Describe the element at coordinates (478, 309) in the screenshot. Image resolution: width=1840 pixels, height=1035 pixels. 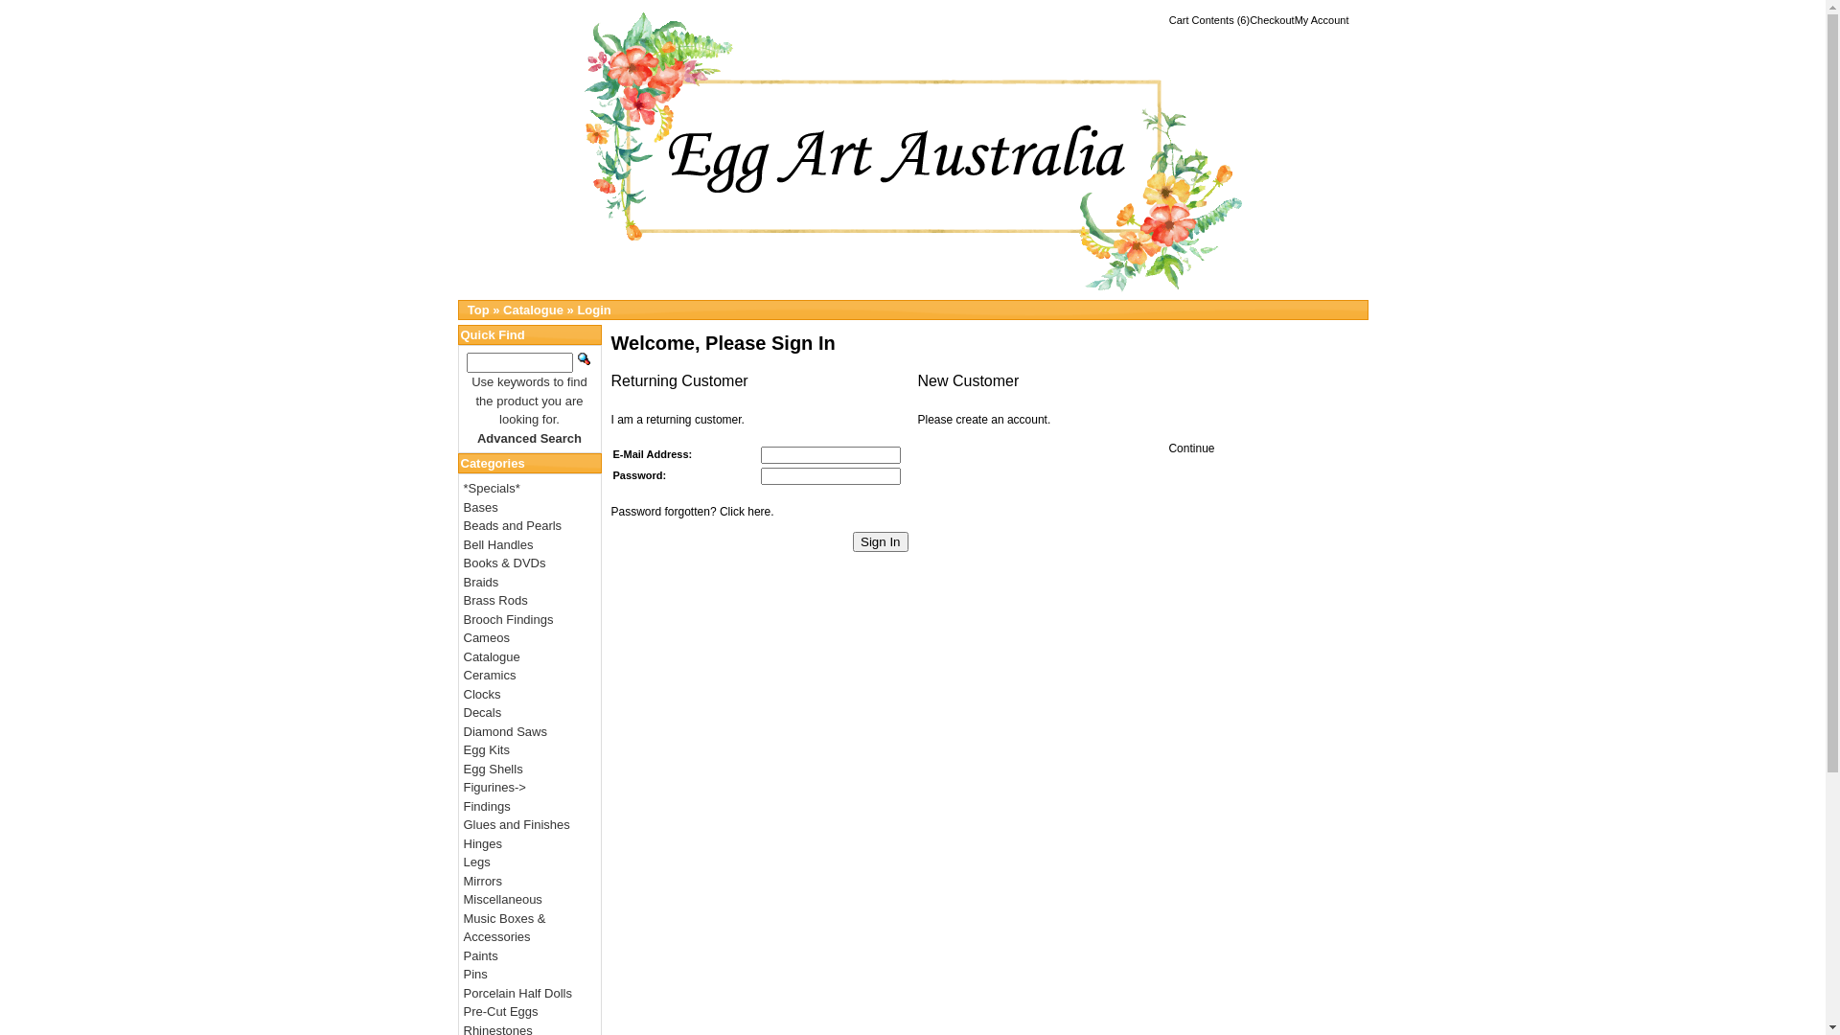
I see `'Top'` at that location.